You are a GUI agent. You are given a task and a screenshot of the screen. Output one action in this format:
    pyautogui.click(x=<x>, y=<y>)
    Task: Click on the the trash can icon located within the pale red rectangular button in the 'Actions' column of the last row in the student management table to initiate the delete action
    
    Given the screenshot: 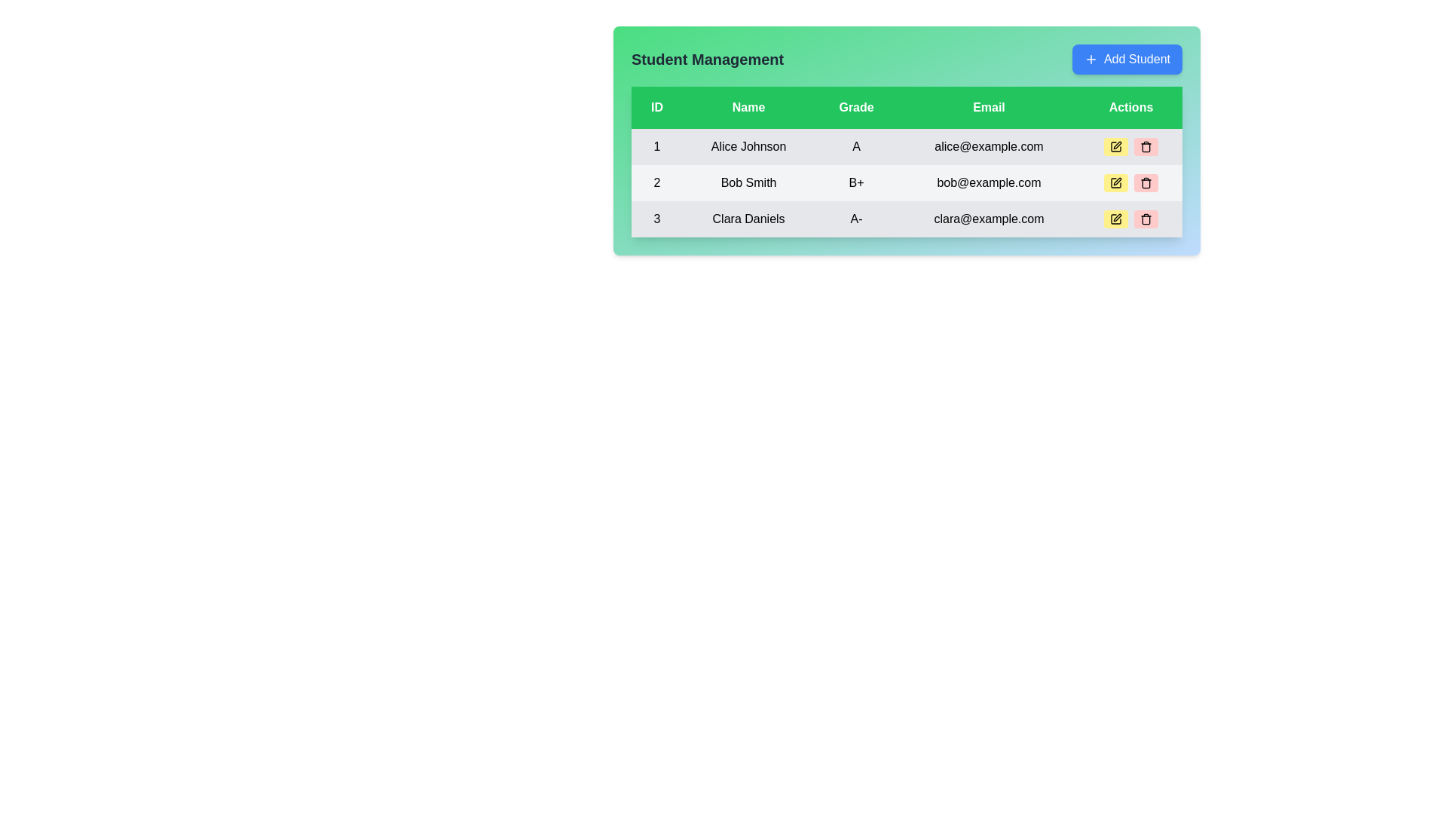 What is the action you would take?
    pyautogui.click(x=1146, y=219)
    